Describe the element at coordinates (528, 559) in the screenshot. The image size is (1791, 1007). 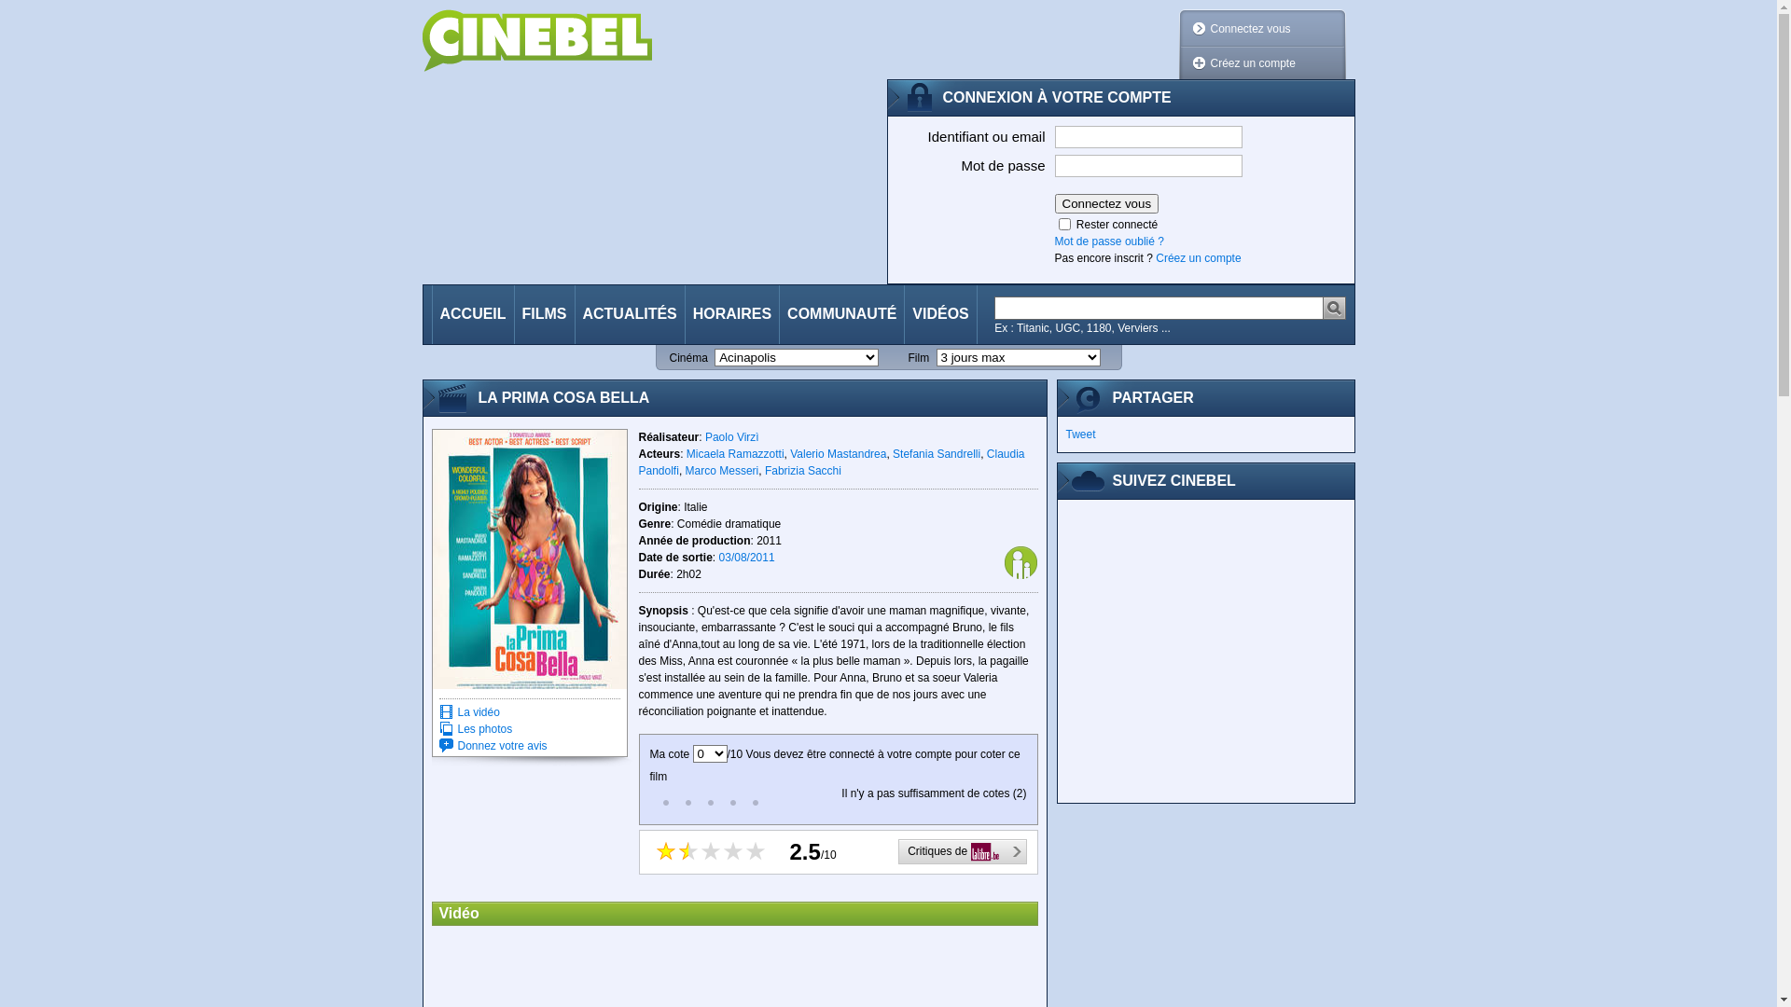
I see `'Afficher l'affiche en grand format'` at that location.